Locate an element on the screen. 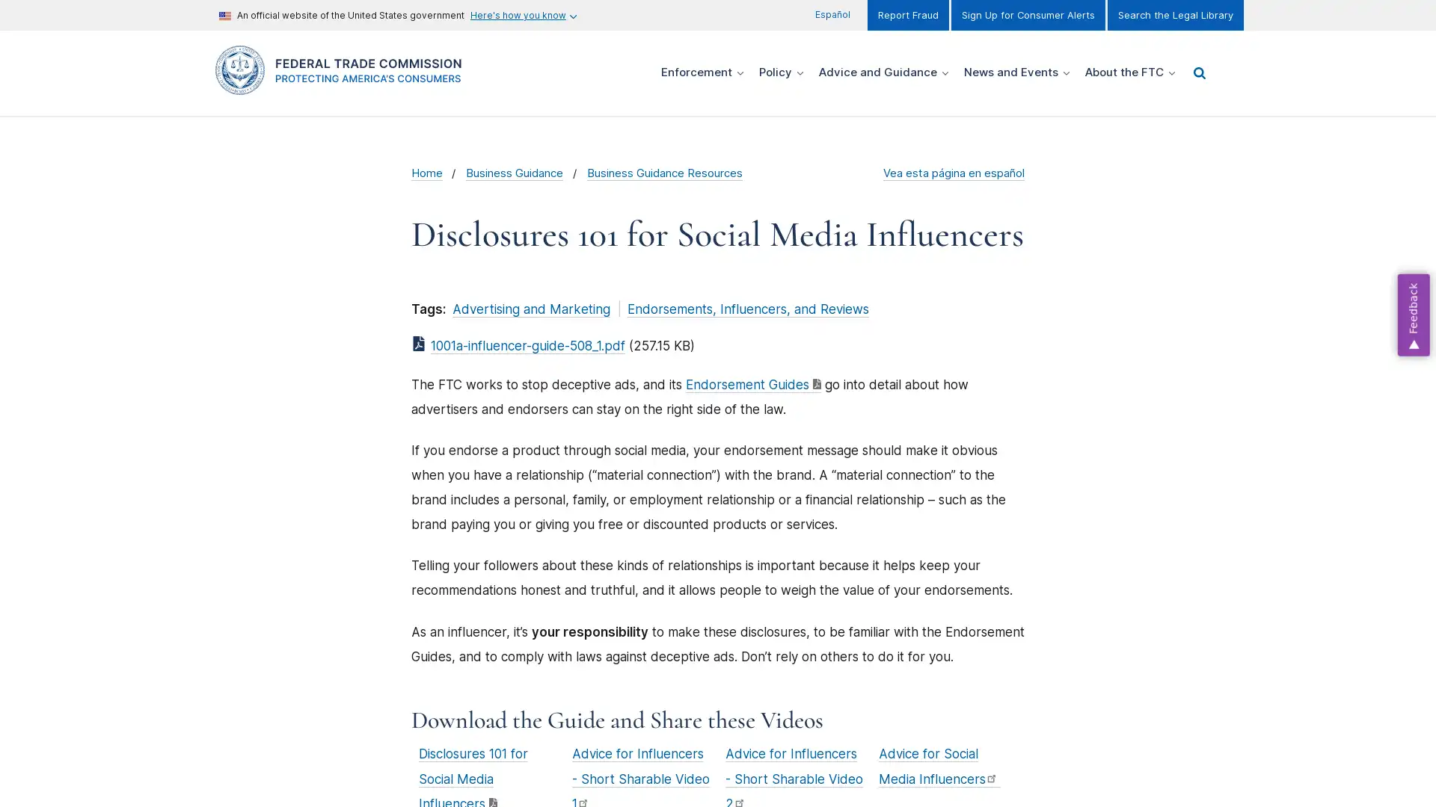  Here's how you know is located at coordinates (523, 15).